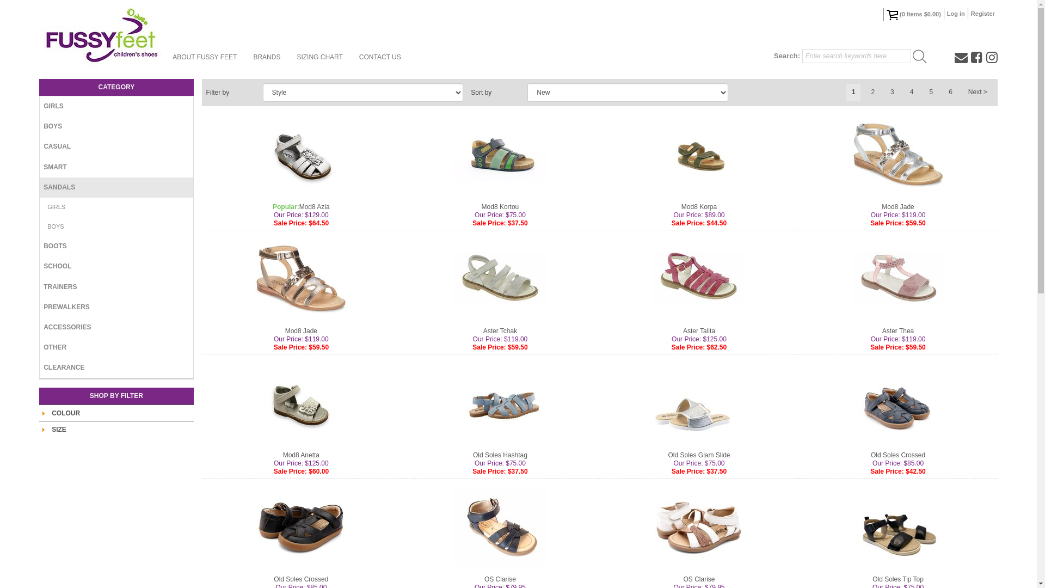  What do you see at coordinates (898, 403) in the screenshot?
I see `'Old Soles Crossed-sandals-Fussy Feet - Childrens Shoes'` at bounding box center [898, 403].